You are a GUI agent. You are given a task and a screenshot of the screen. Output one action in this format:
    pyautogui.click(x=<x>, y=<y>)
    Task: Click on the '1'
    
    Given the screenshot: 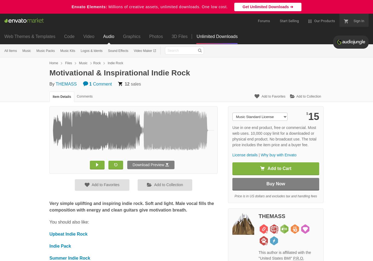 What is the action you would take?
    pyautogui.click(x=90, y=84)
    